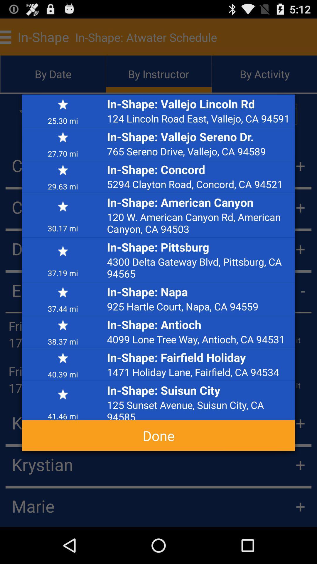 Image resolution: width=317 pixels, height=564 pixels. What do you see at coordinates (199, 409) in the screenshot?
I see `the 125 sunset avenue` at bounding box center [199, 409].